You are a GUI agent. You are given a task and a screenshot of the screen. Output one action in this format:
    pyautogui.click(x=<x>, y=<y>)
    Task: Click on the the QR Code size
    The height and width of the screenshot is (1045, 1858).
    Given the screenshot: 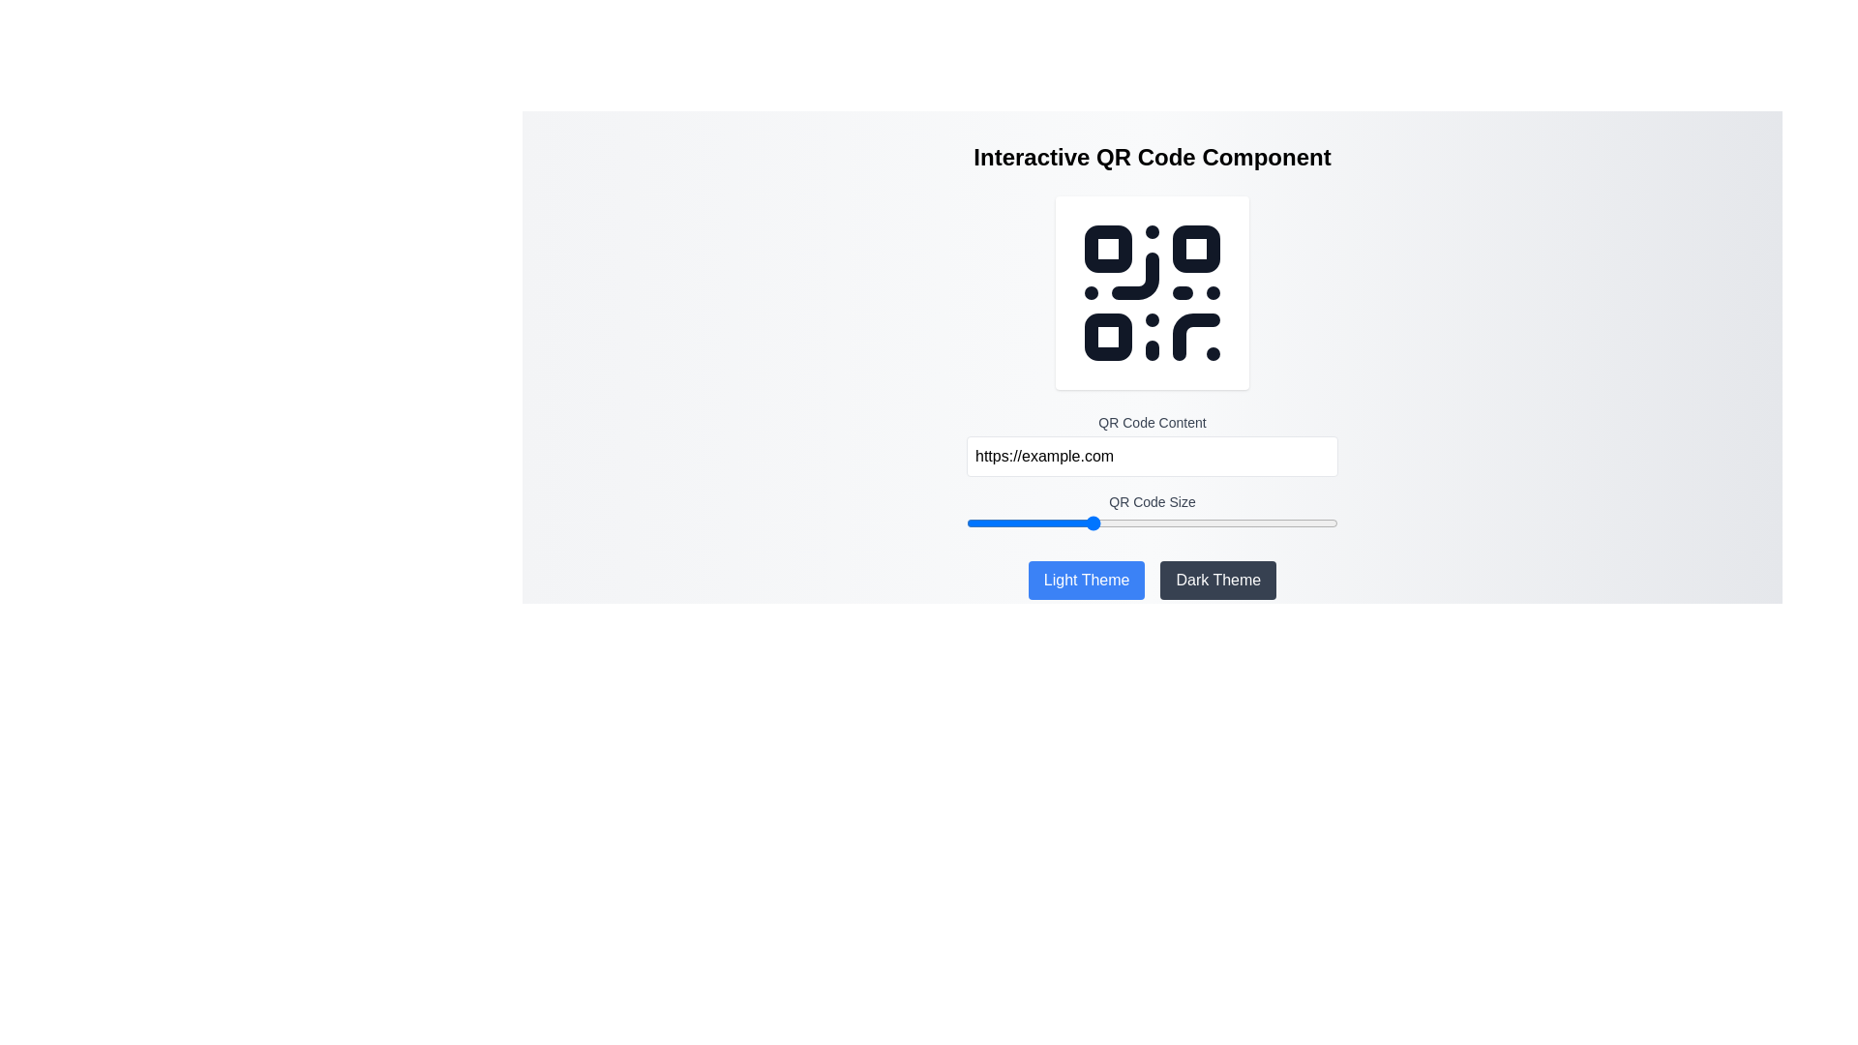 What is the action you would take?
    pyautogui.click(x=974, y=522)
    